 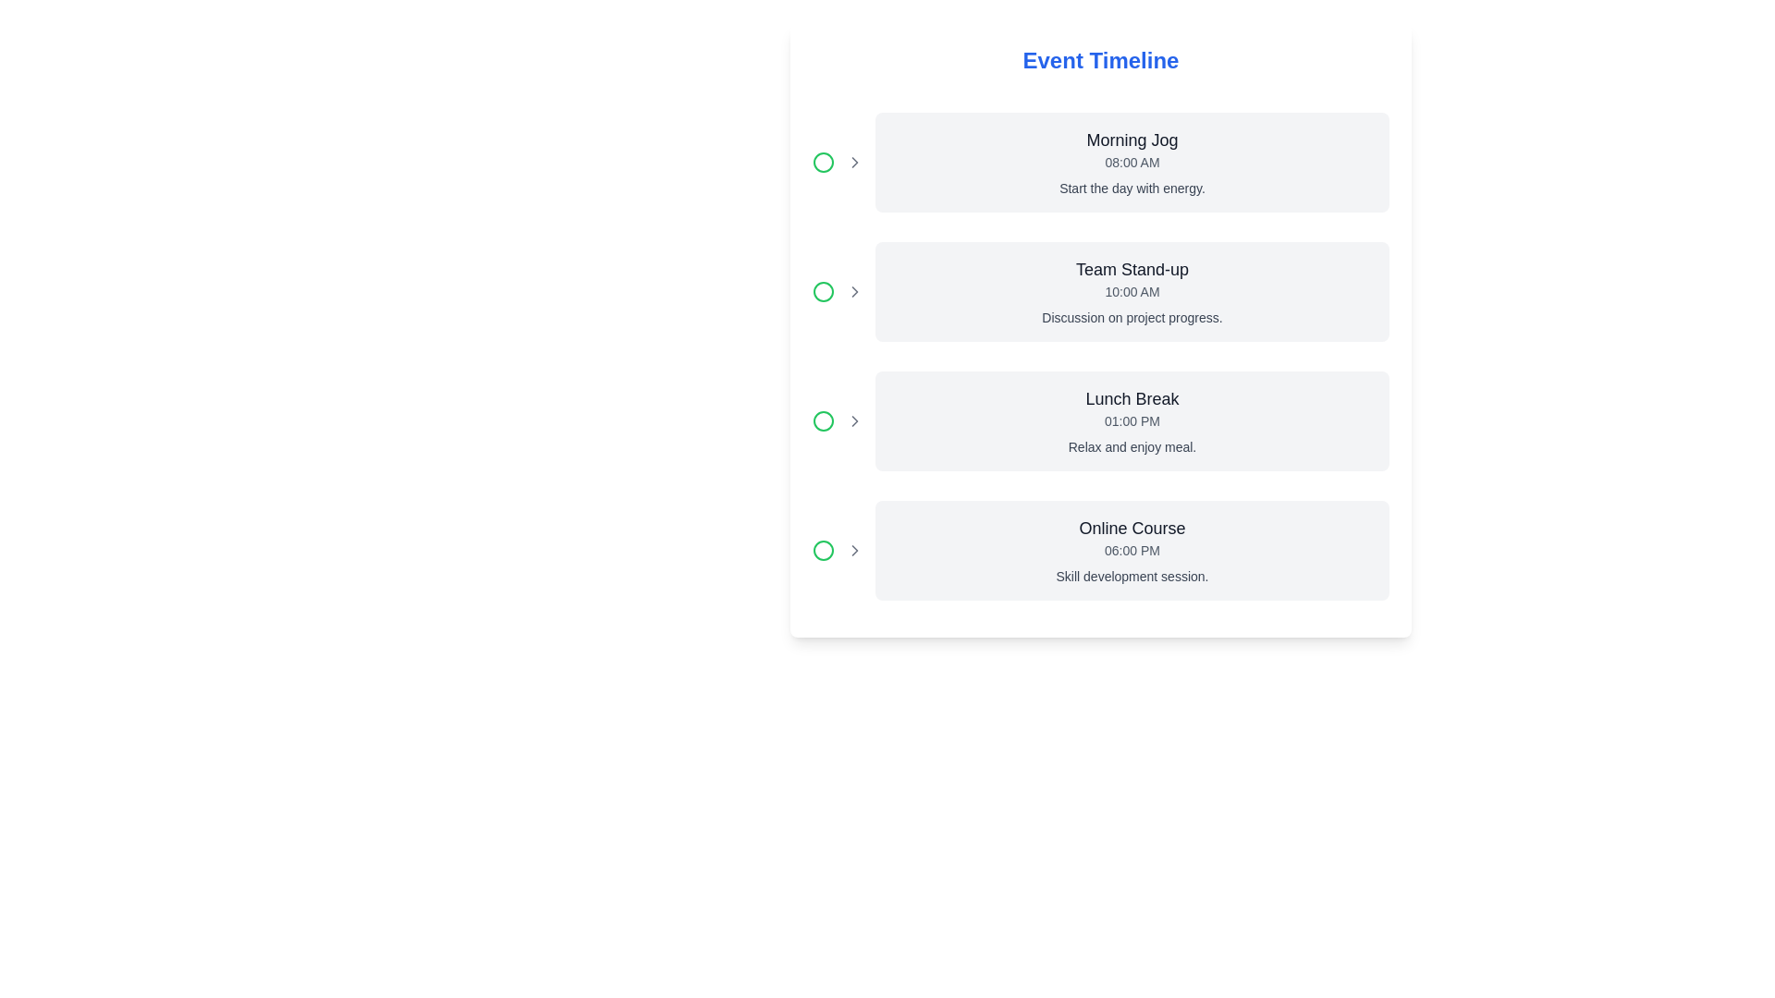 What do you see at coordinates (1131, 316) in the screenshot?
I see `the text stating 'Discussion on project progress.' which is displayed in gray color beneath the 'Team Stand-up' card` at bounding box center [1131, 316].